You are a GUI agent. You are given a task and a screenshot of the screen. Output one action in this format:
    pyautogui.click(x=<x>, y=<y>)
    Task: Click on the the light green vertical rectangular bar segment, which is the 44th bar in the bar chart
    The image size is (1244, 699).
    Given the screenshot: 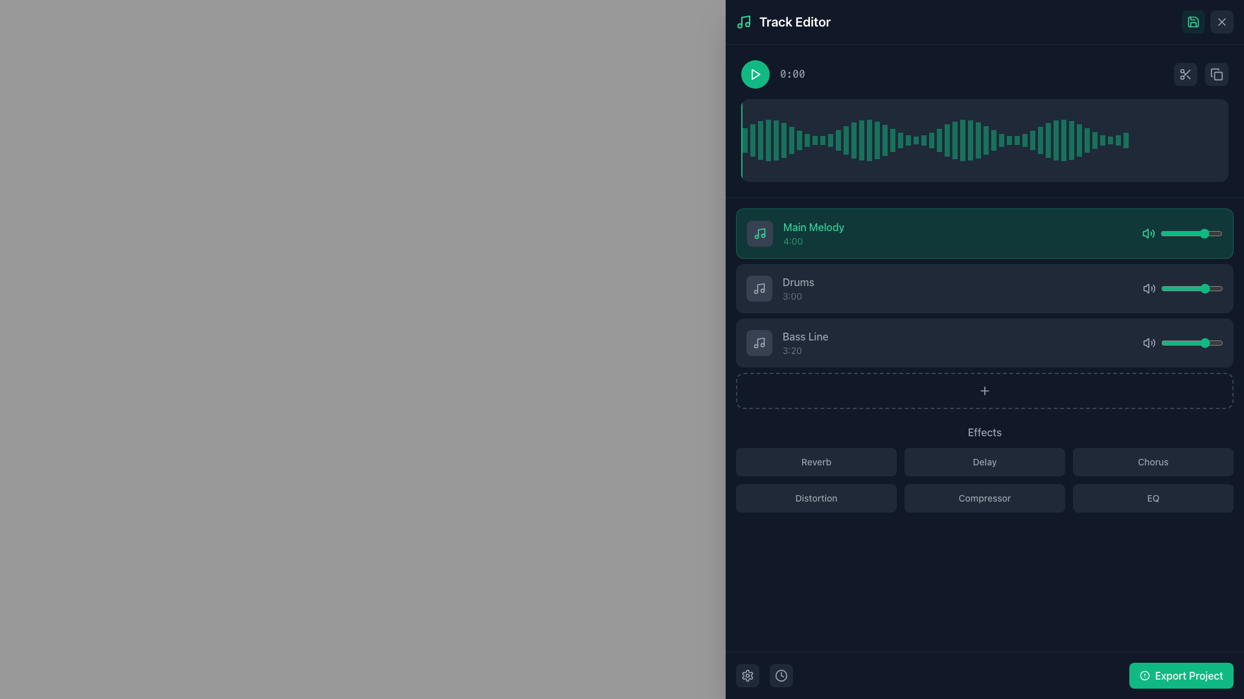 What is the action you would take?
    pyautogui.click(x=1109, y=140)
    